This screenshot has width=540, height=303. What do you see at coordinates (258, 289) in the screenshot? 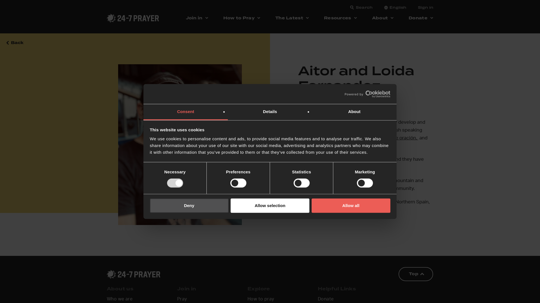
I see `'Explore'` at bounding box center [258, 289].